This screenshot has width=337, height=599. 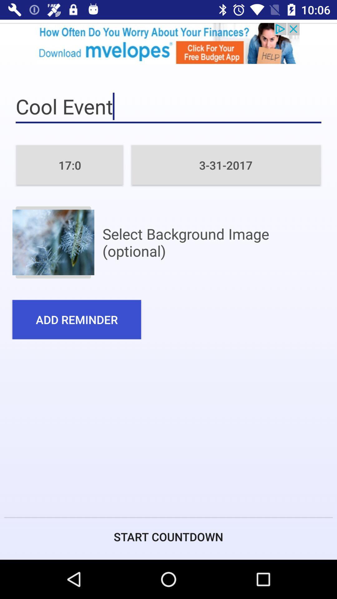 I want to click on button, so click(x=53, y=242).